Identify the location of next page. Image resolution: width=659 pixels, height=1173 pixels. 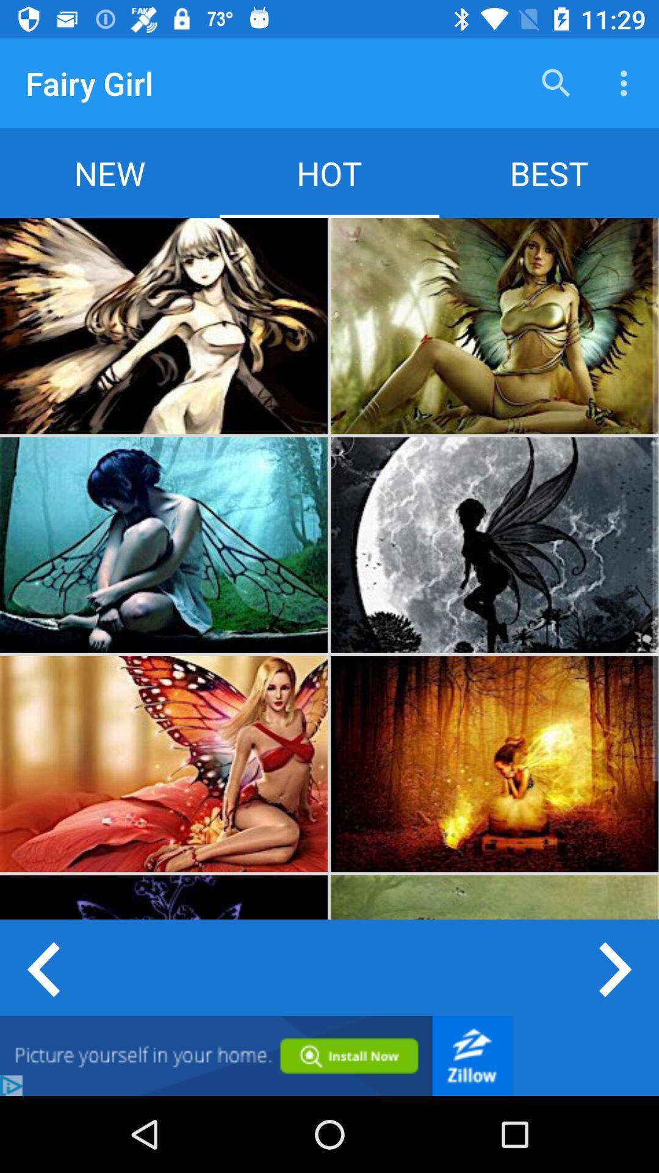
(616, 967).